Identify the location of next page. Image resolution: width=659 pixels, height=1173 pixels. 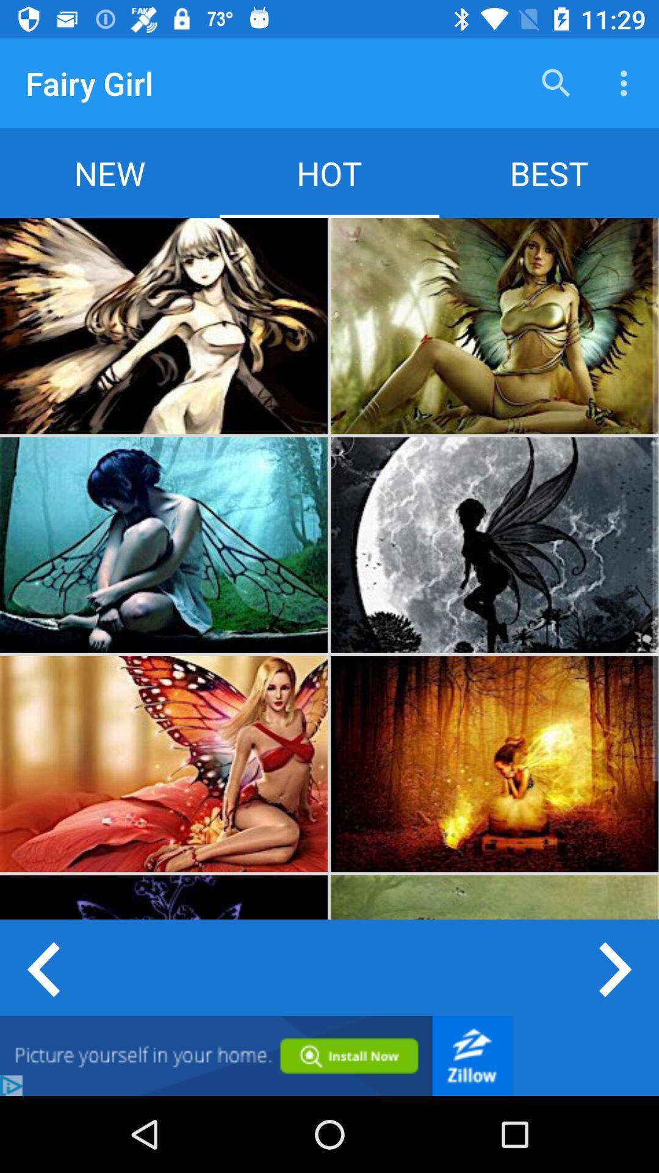
(616, 967).